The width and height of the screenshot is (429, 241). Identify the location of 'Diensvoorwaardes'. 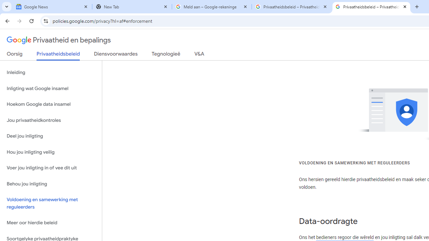
(116, 55).